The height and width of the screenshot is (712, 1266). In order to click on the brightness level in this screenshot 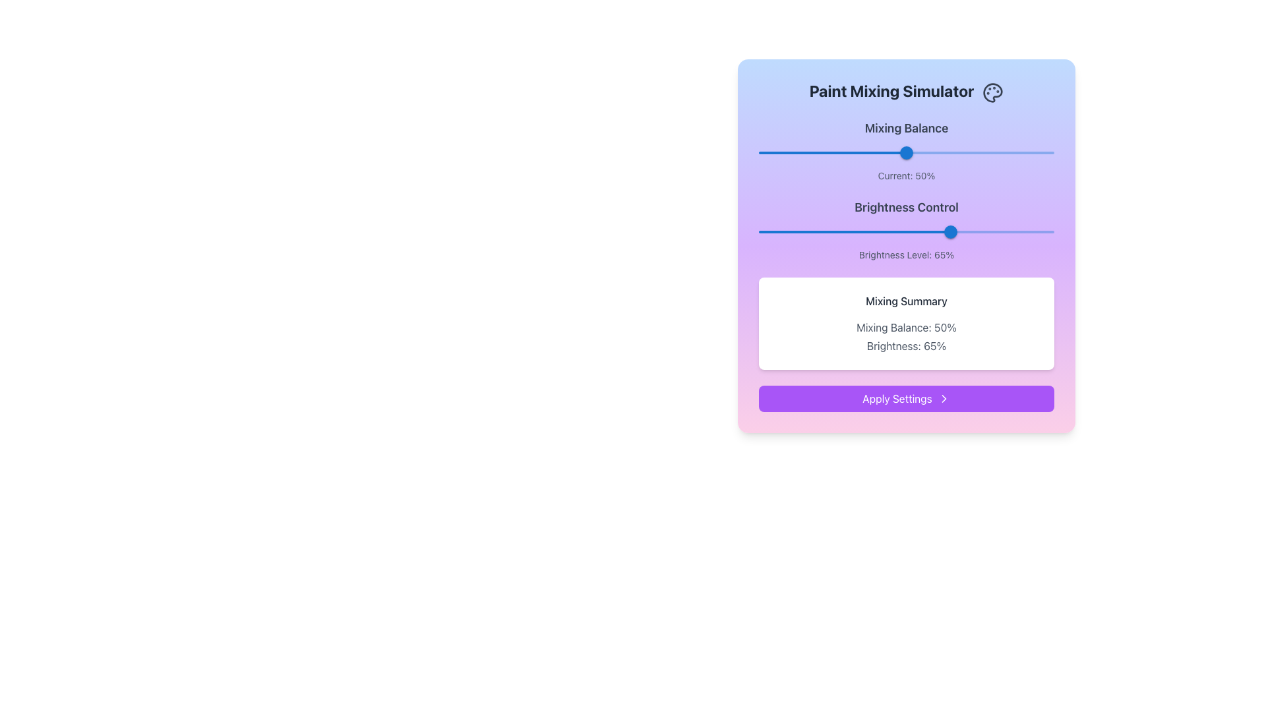, I will do `click(968, 231)`.